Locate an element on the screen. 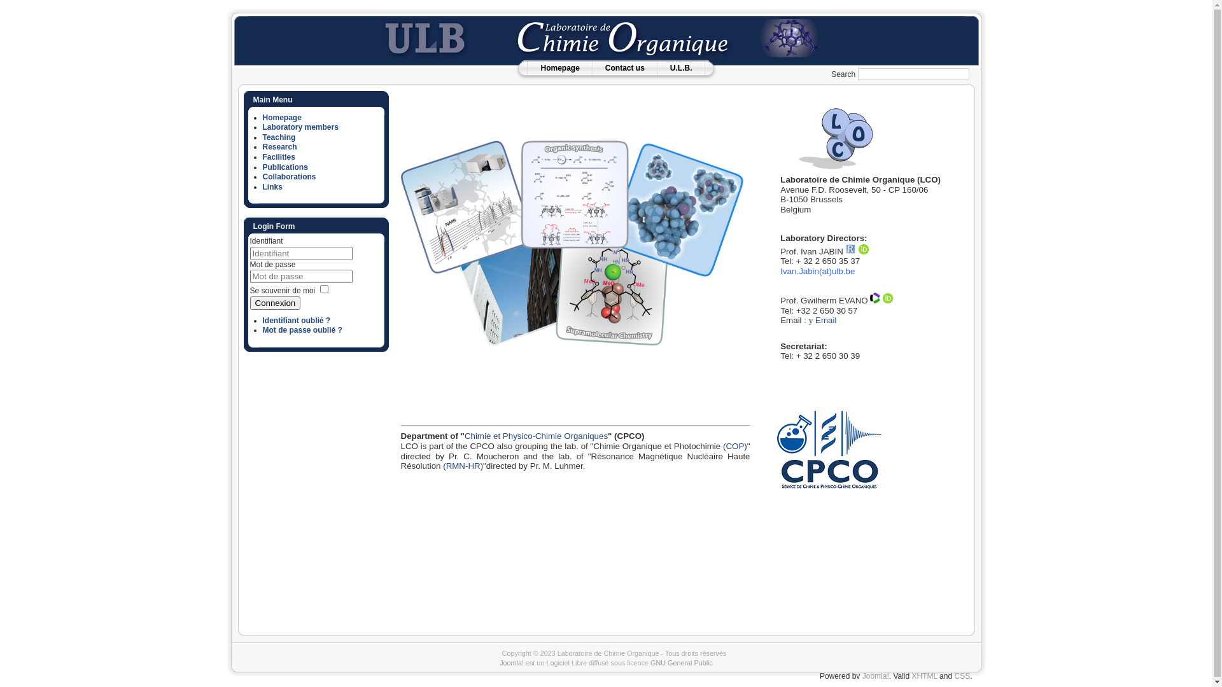 The height and width of the screenshot is (687, 1222). 'U.L.B.' is located at coordinates (657, 68).